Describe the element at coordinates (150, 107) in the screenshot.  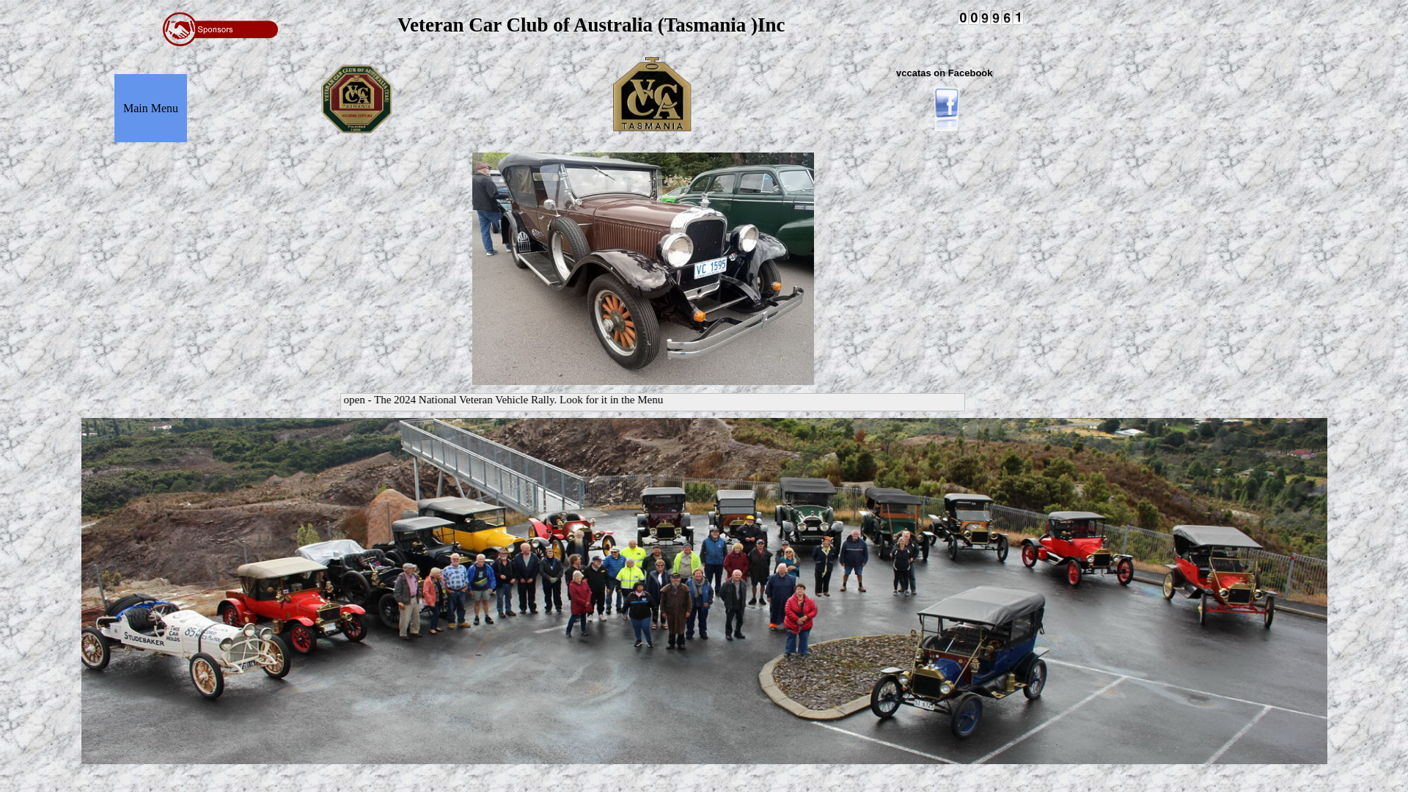
I see `'Main Menu'` at that location.